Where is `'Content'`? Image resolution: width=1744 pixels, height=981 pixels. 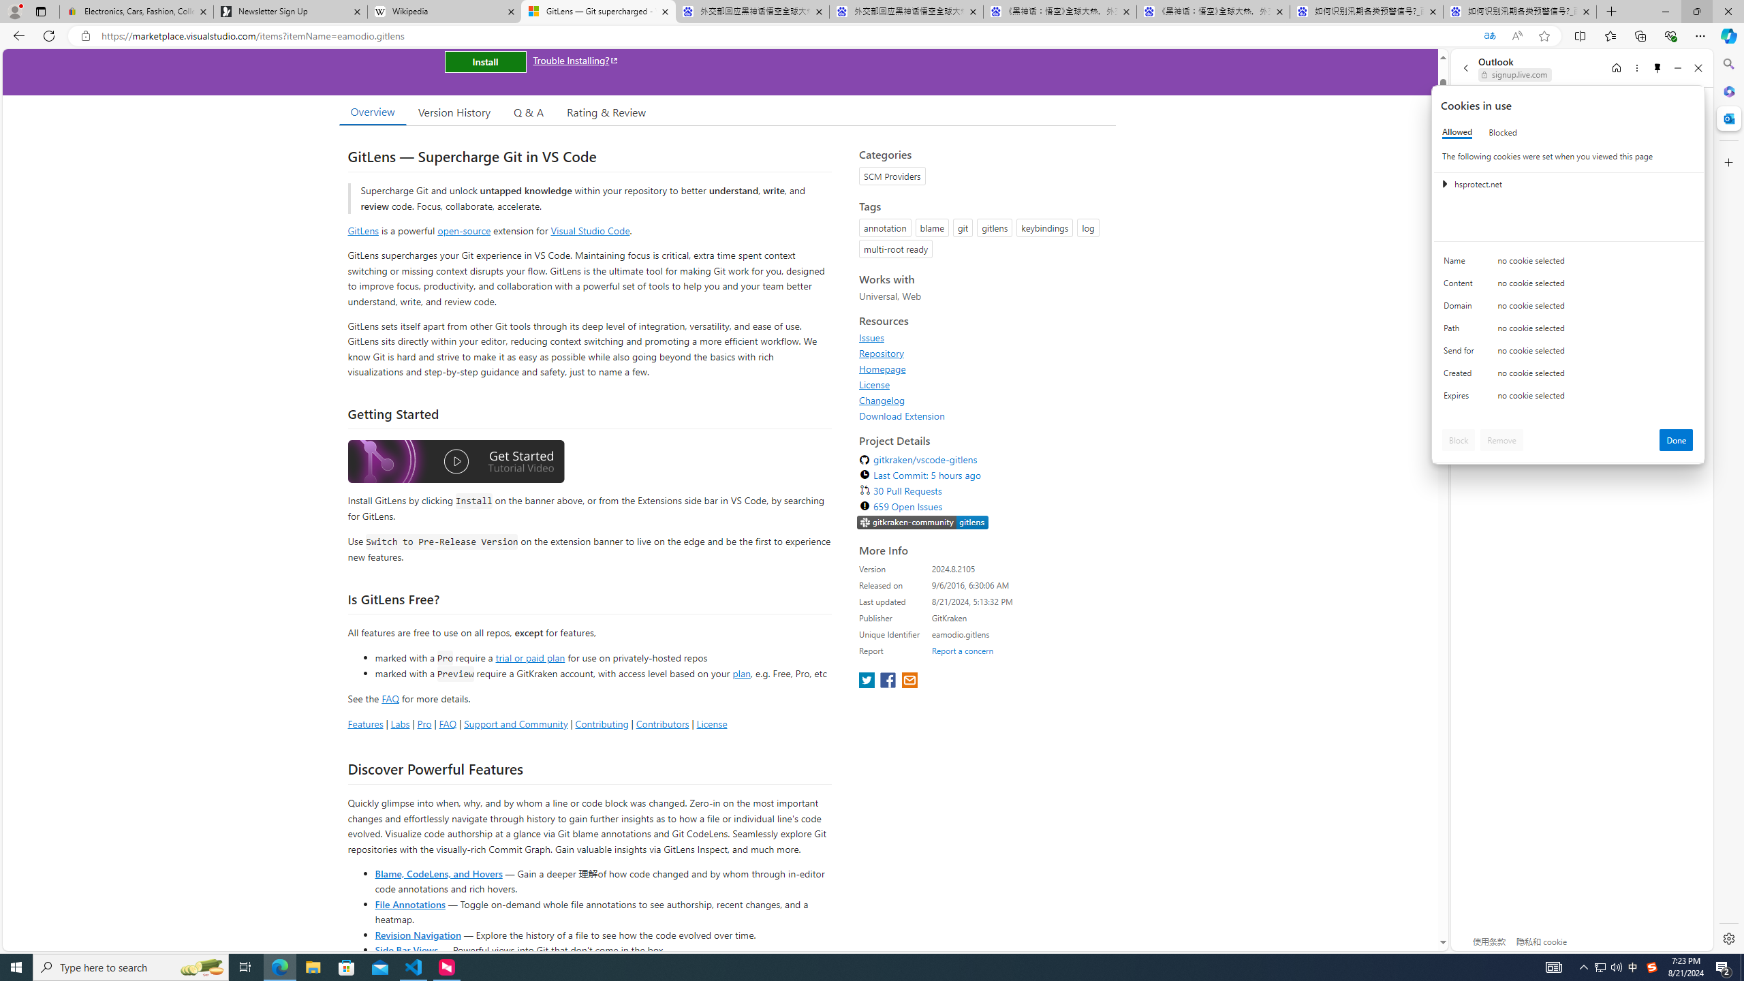
'Content' is located at coordinates (1461, 286).